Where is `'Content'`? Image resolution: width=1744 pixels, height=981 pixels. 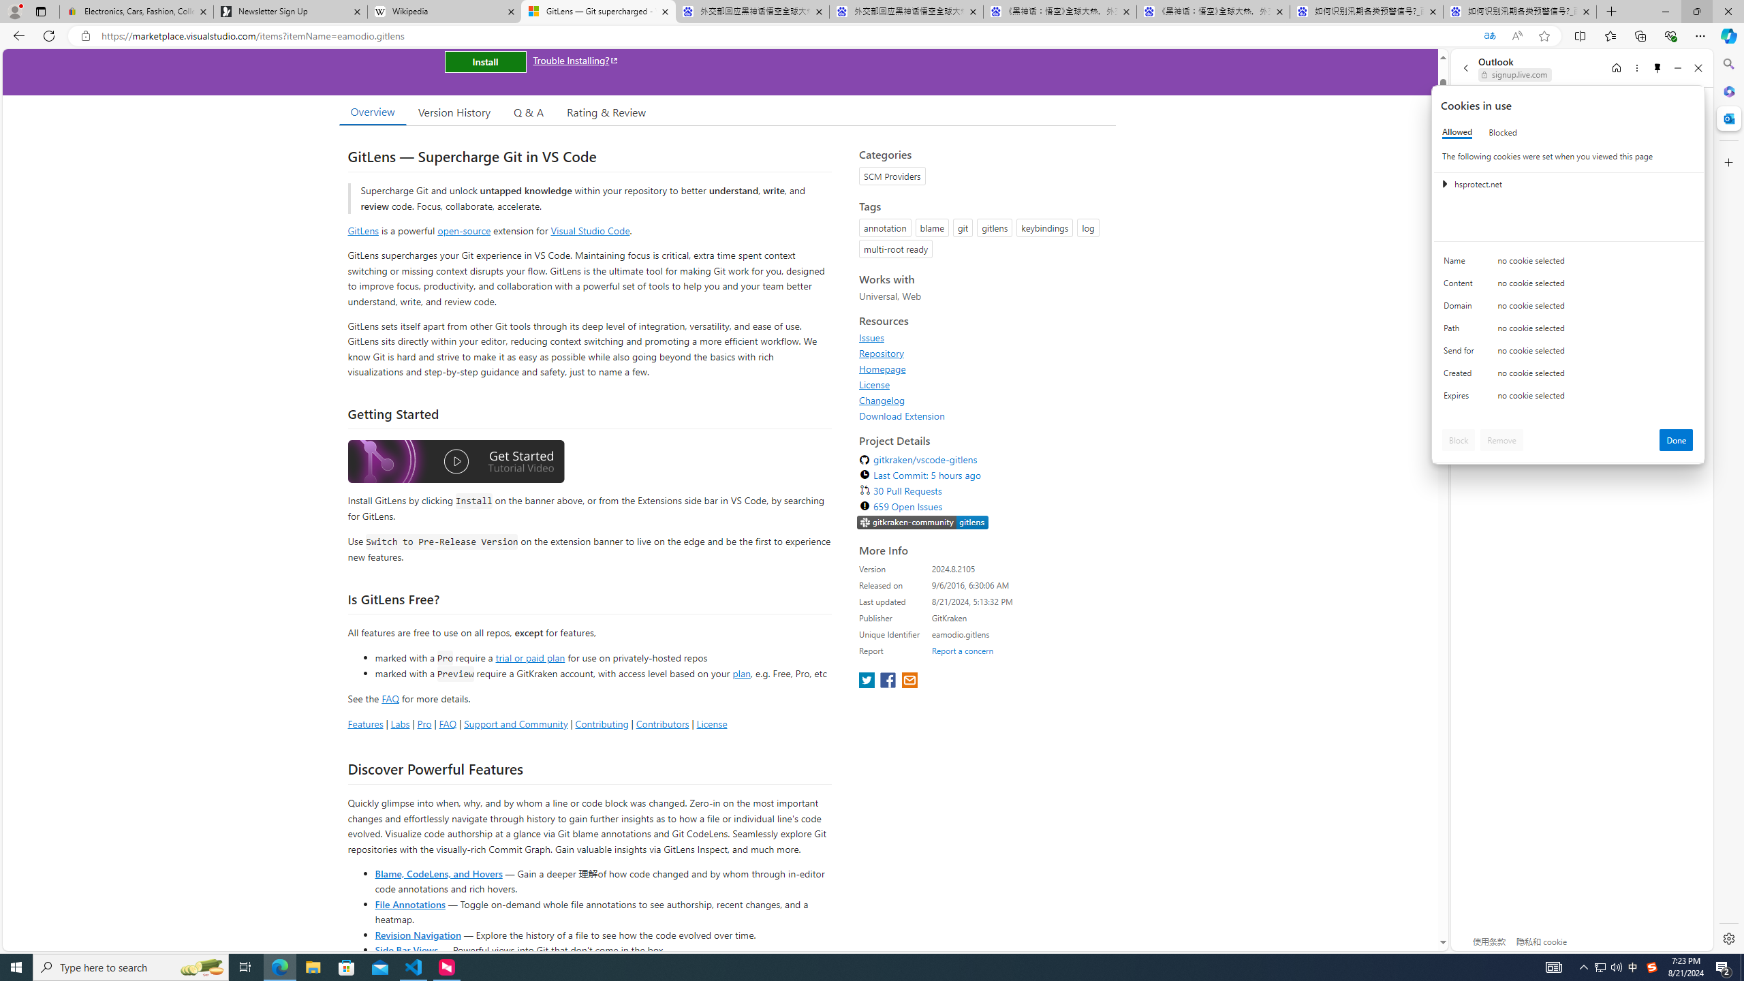
'Content' is located at coordinates (1461, 286).